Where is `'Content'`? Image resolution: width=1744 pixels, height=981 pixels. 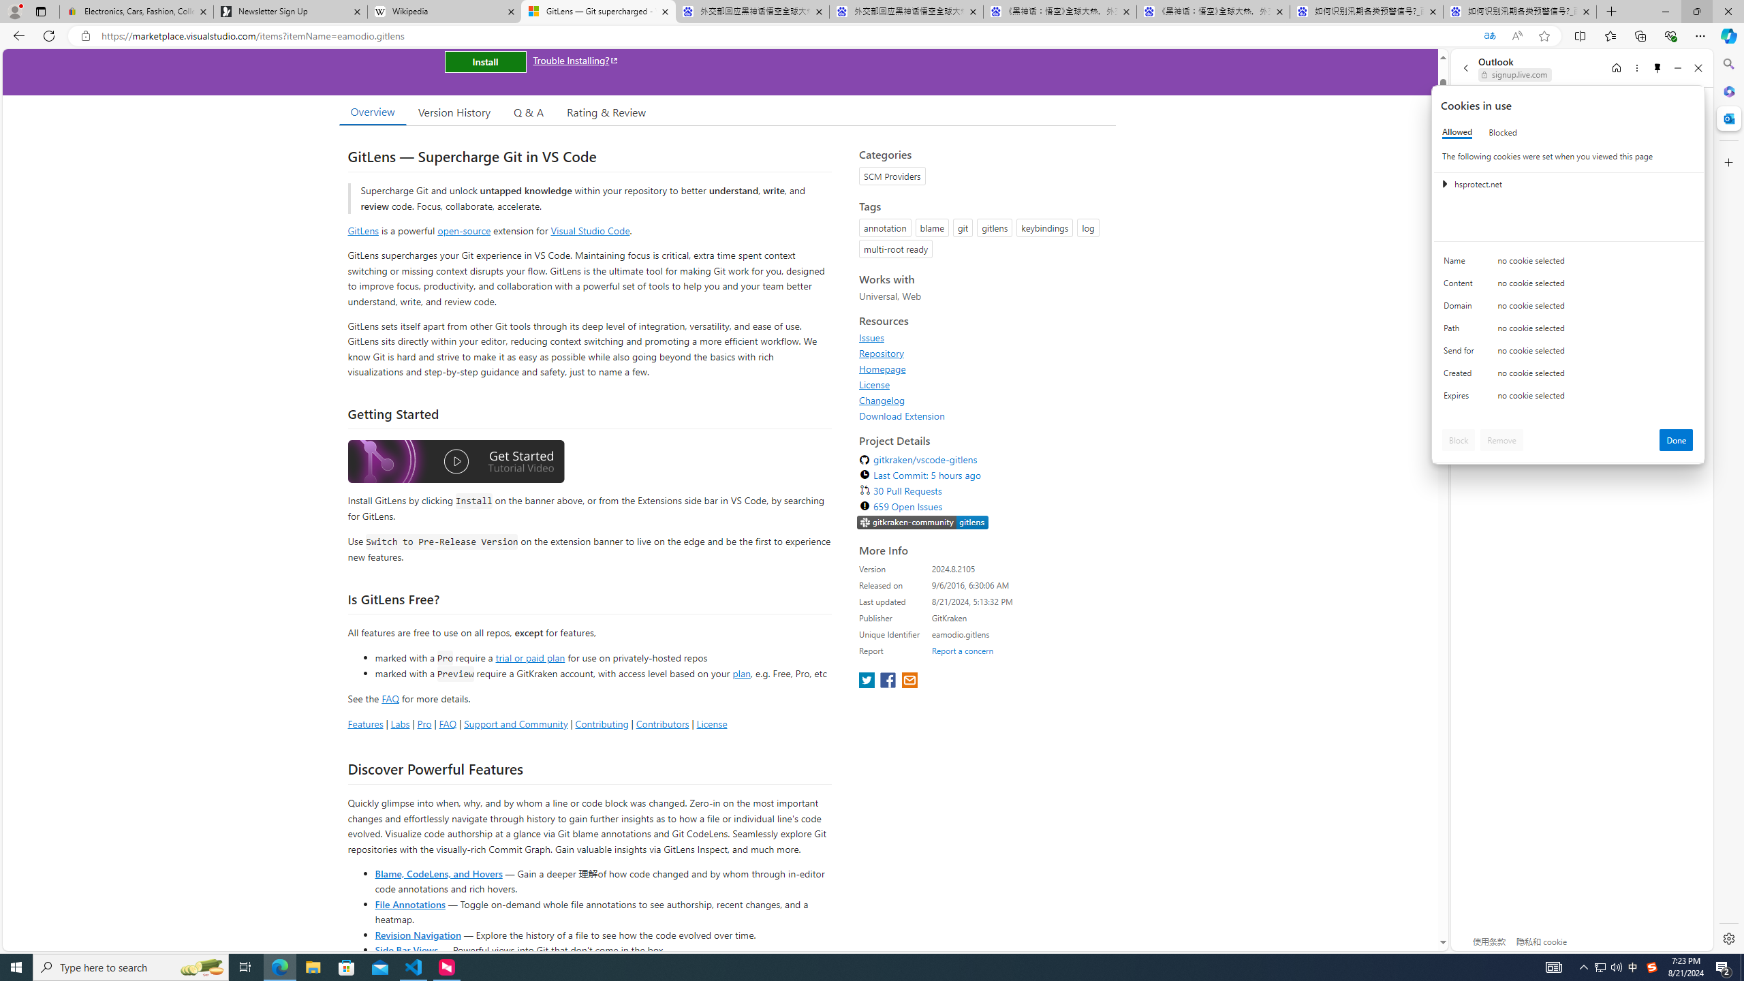
'Content' is located at coordinates (1461, 286).